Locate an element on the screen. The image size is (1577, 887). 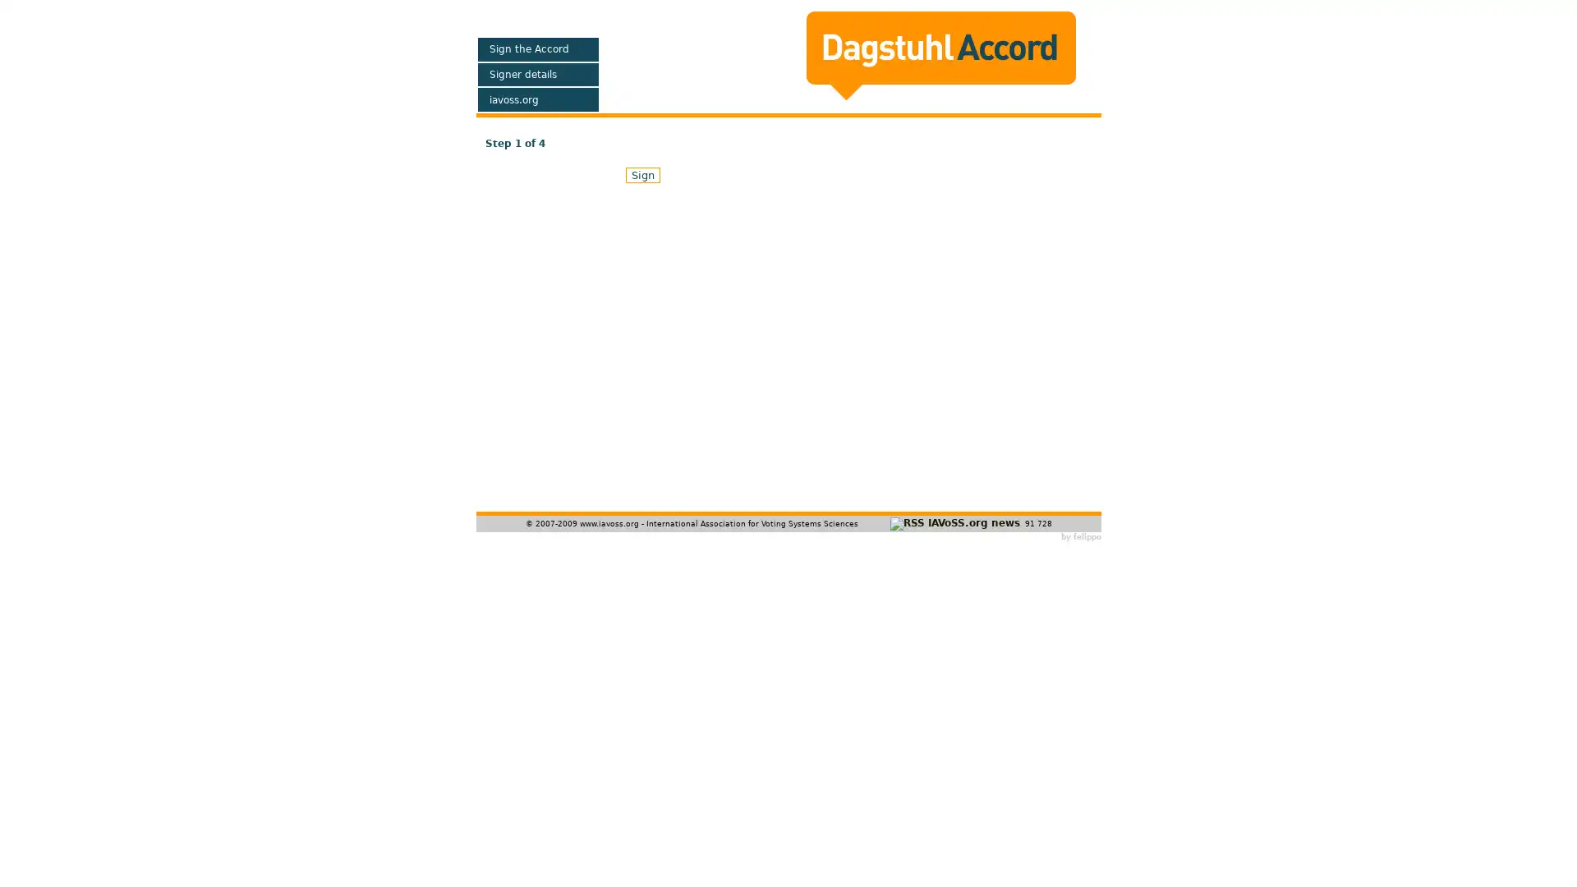
Sign is located at coordinates (641, 175).